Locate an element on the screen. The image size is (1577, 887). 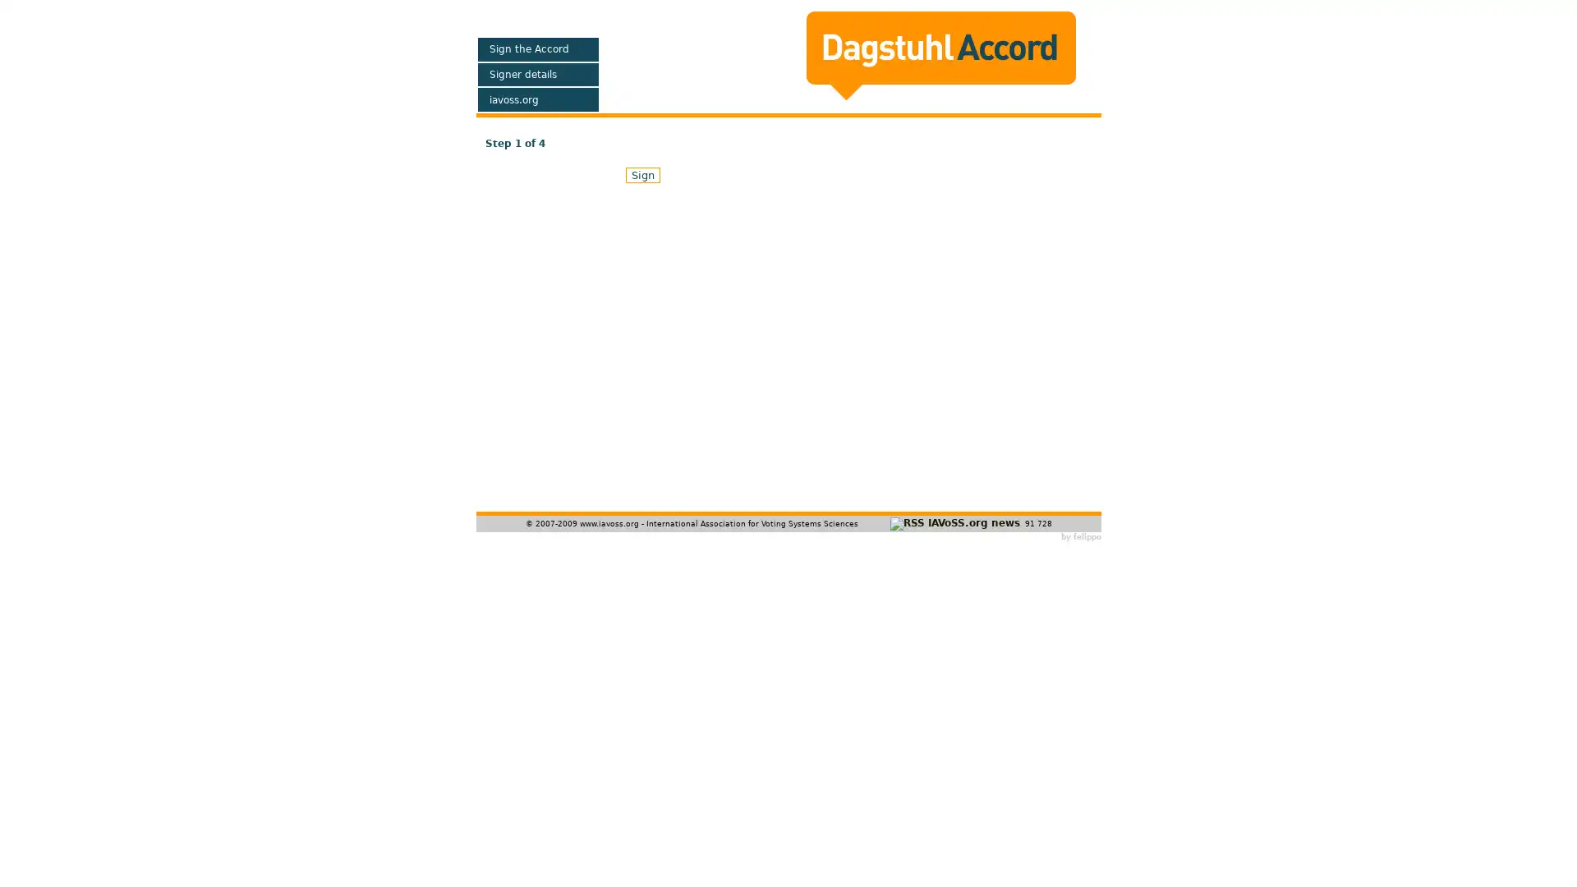
Sign is located at coordinates (641, 175).